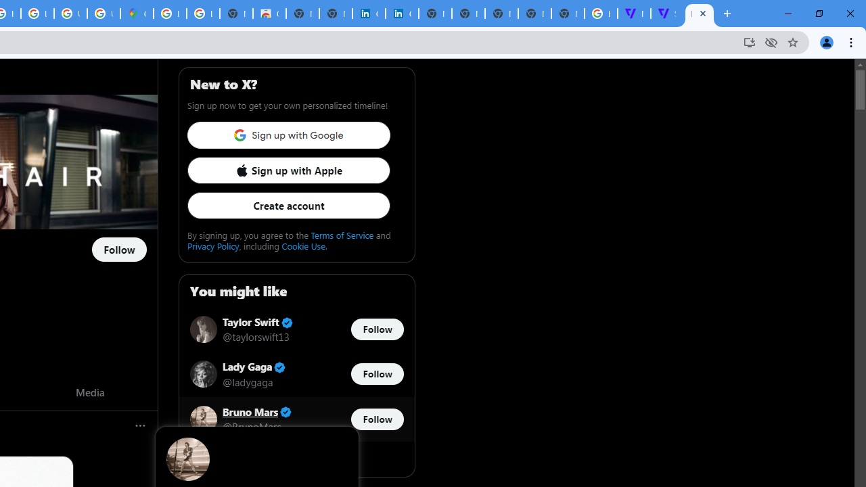 This screenshot has height=487, width=866. I want to click on 'Follow @taylorswift13', so click(377, 329).